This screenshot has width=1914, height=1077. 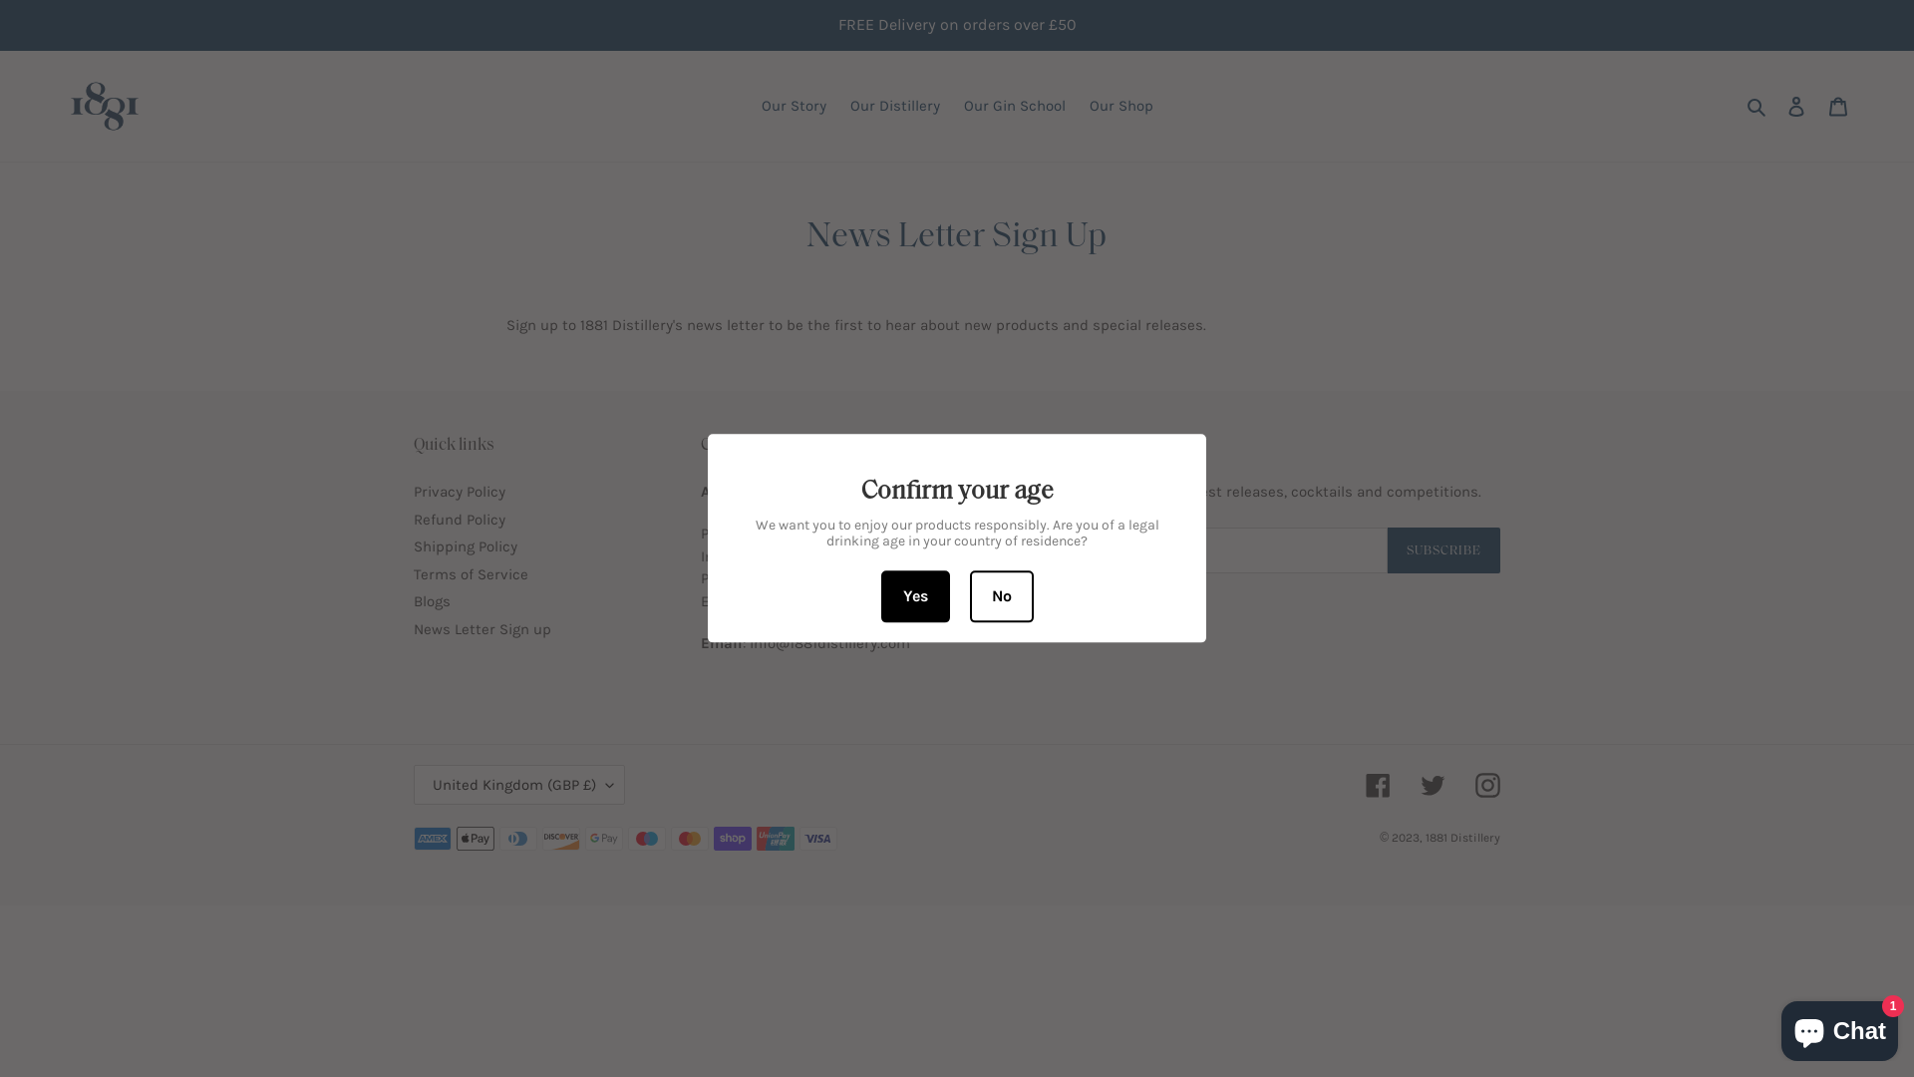 What do you see at coordinates (1836, 106) in the screenshot?
I see `'Cart'` at bounding box center [1836, 106].